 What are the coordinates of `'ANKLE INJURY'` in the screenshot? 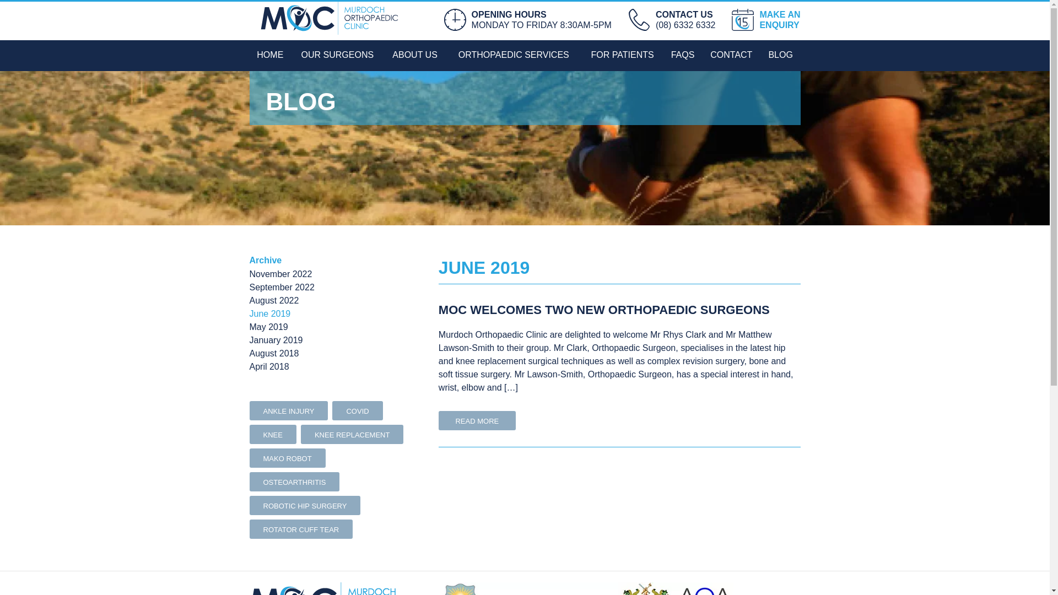 It's located at (288, 410).